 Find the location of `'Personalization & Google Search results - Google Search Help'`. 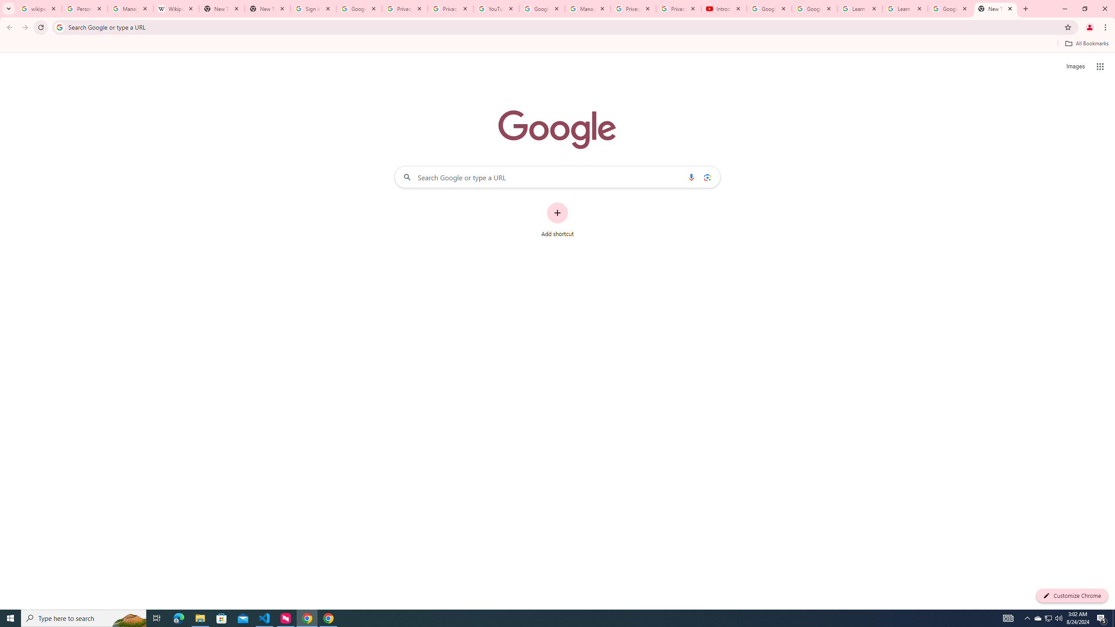

'Personalization & Google Search results - Google Search Help' is located at coordinates (84, 8).